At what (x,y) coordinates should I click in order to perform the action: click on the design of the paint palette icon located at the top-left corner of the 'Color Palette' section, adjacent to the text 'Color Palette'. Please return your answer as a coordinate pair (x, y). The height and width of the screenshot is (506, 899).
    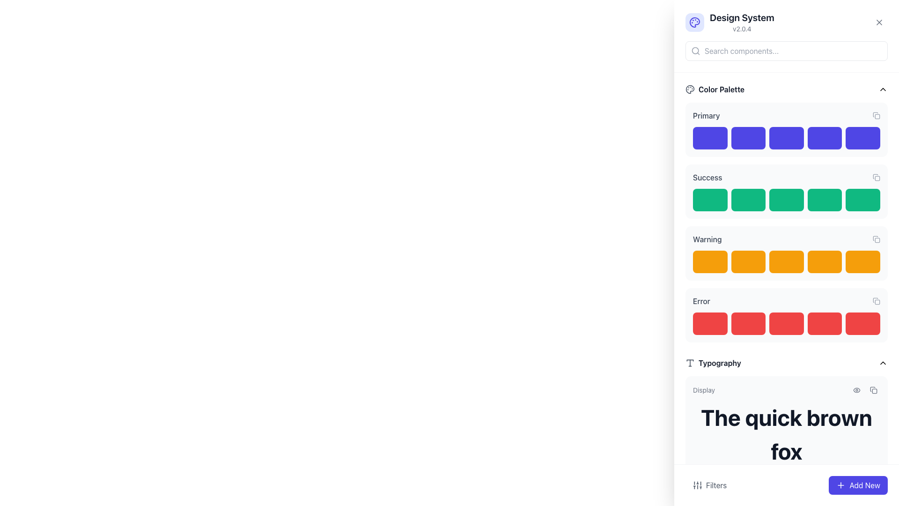
    Looking at the image, I should click on (690, 89).